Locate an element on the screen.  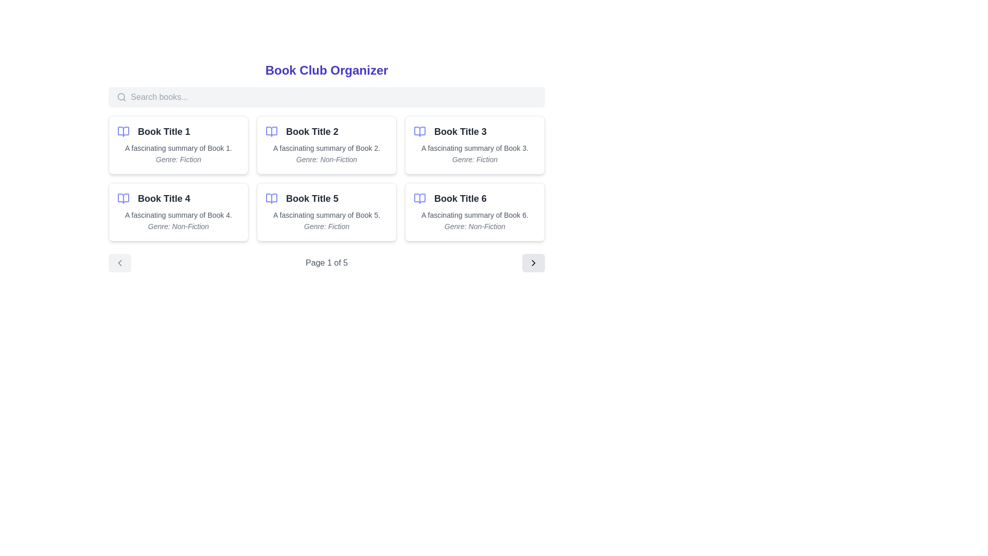
the text content of the label displaying the book title 'Book Title 3', which is located in the second column of the first row in a grid-like structure is located at coordinates (460, 131).